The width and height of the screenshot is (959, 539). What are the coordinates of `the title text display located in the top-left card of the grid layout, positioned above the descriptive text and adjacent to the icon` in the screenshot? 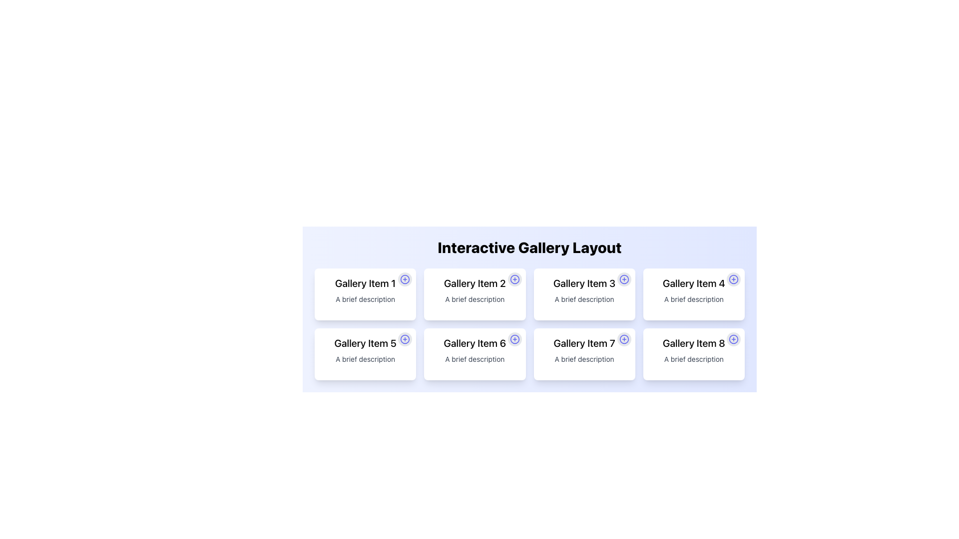 It's located at (365, 283).